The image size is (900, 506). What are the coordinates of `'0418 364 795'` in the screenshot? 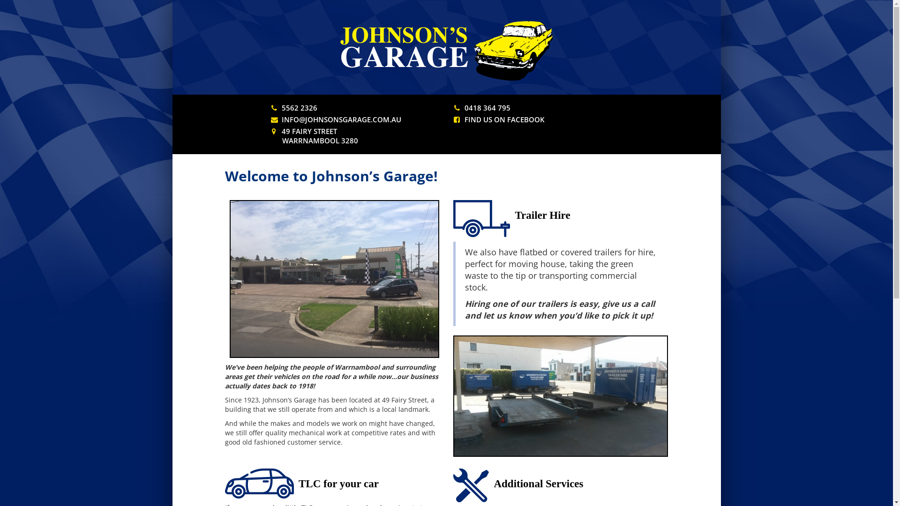 It's located at (487, 107).